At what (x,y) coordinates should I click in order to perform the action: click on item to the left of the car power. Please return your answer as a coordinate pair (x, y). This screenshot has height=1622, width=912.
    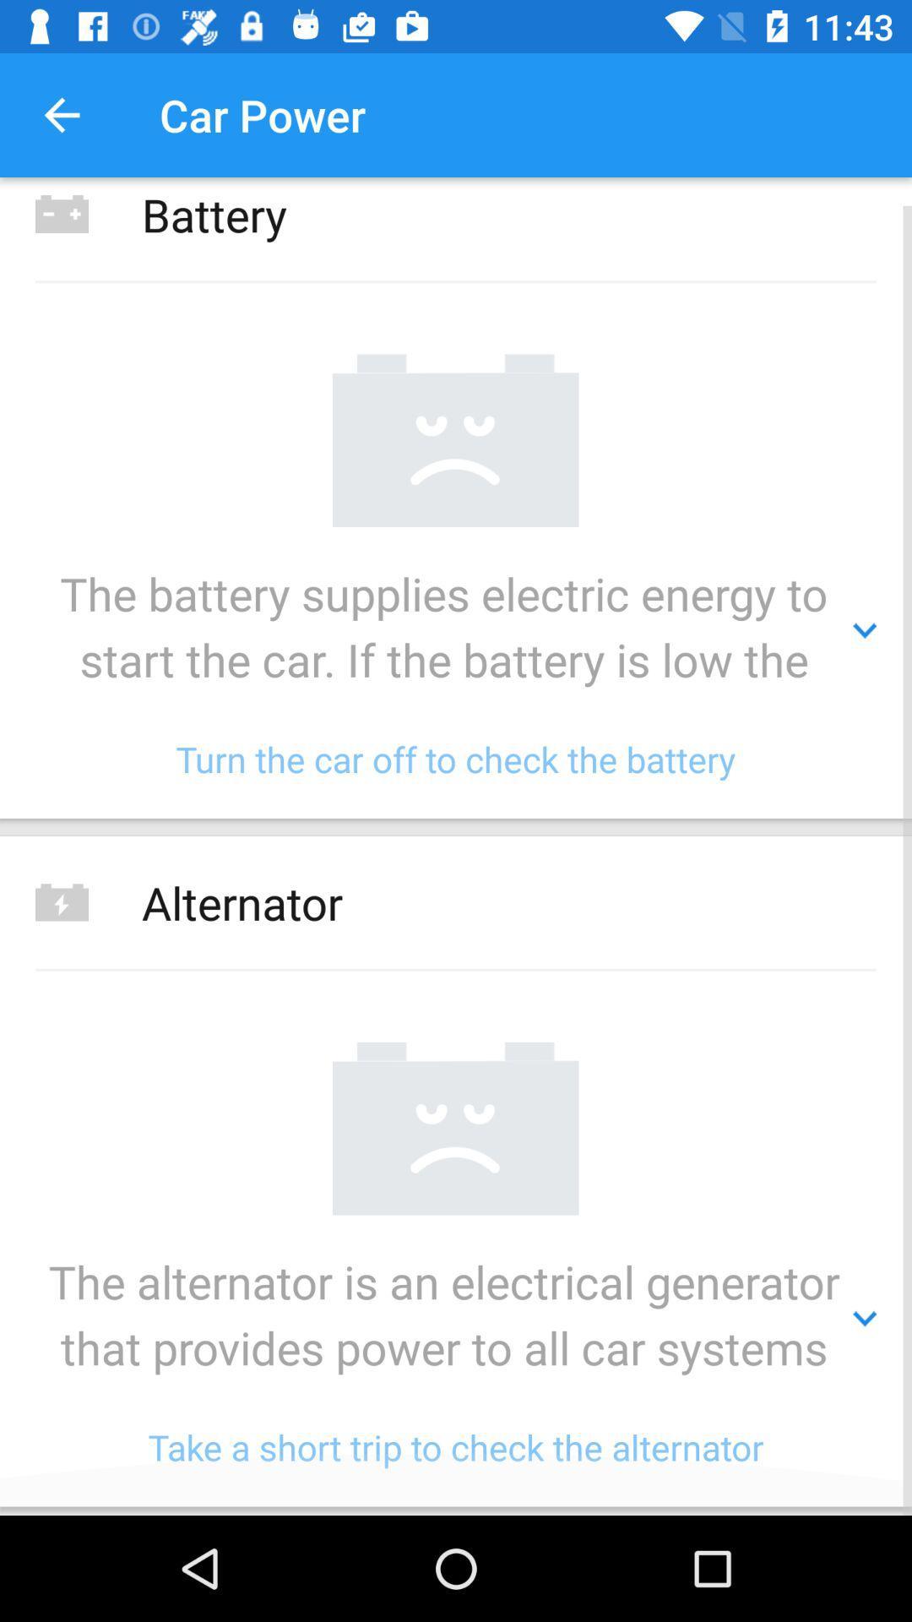
    Looking at the image, I should click on (61, 114).